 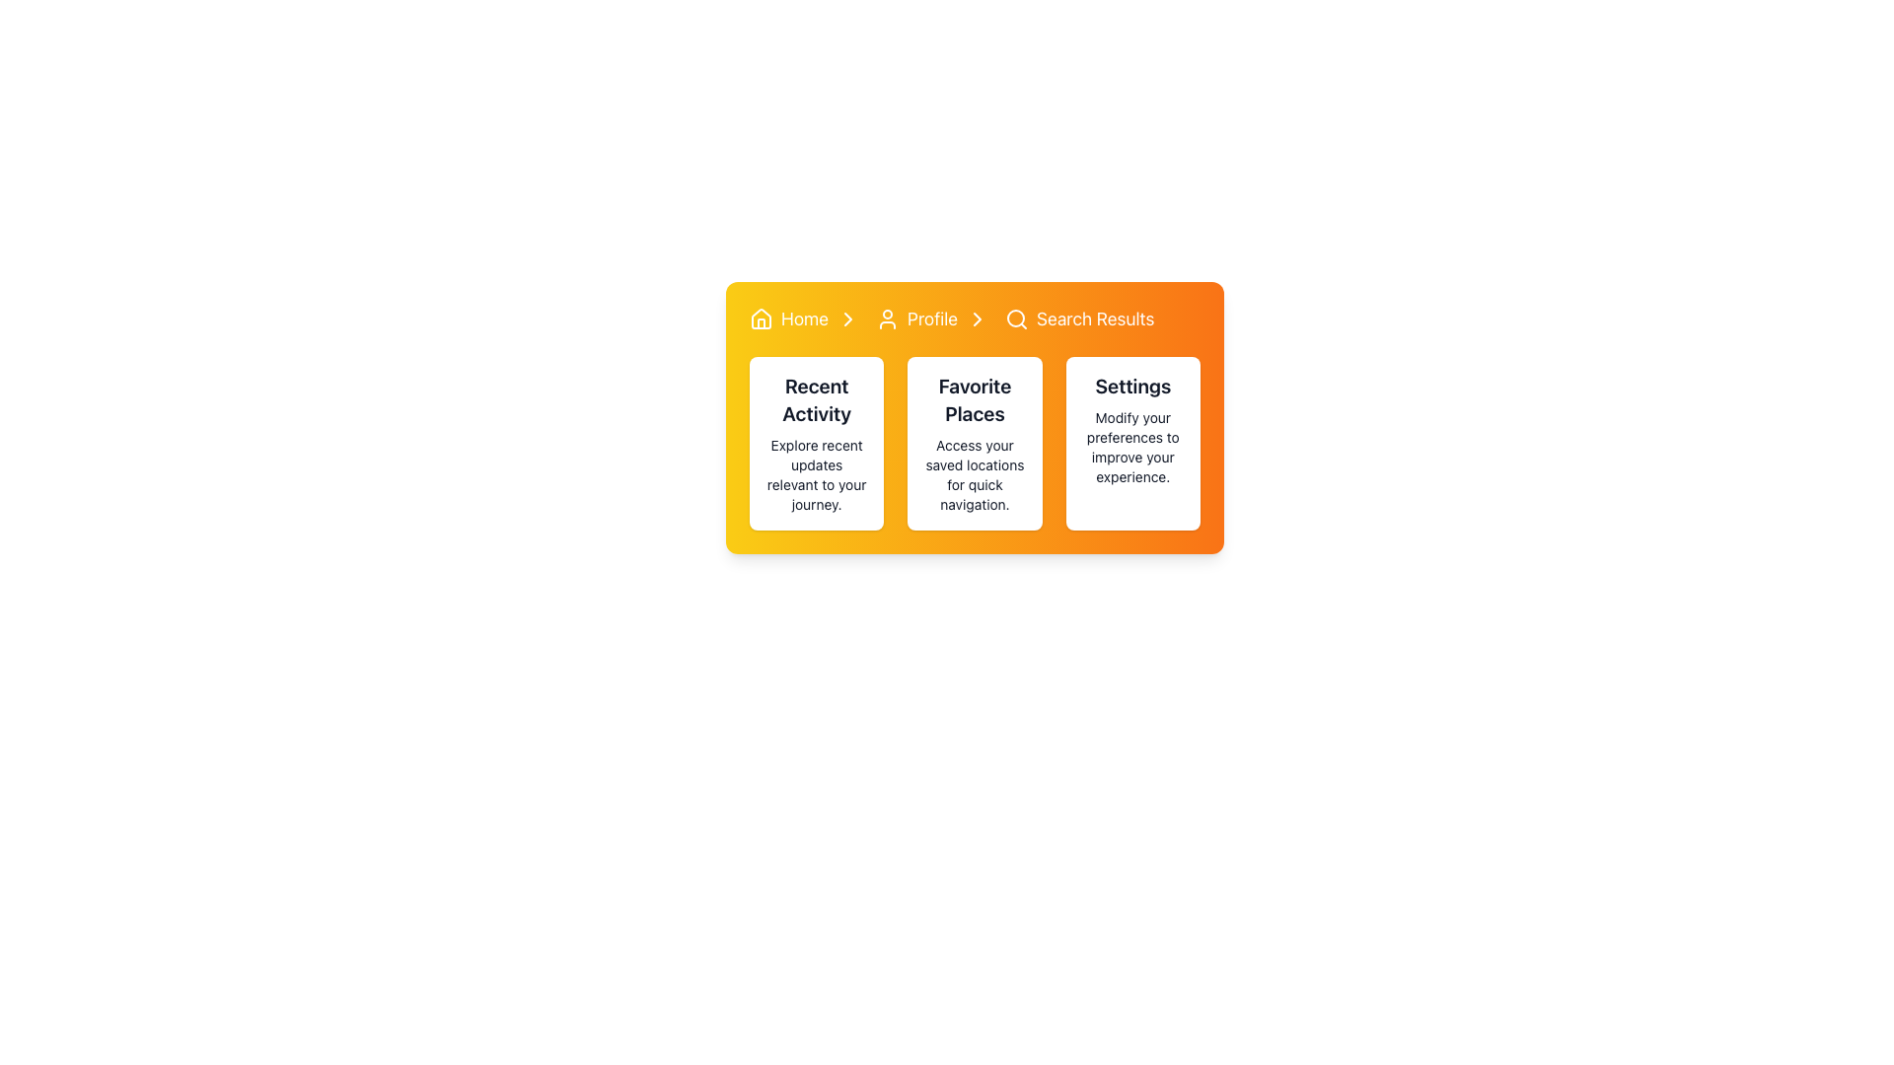 What do you see at coordinates (1132, 448) in the screenshot?
I see `the static text that says 'Modify your preferences to improve your experience.' located within the 'Settings' card, which is styled with a dark font on a white background` at bounding box center [1132, 448].